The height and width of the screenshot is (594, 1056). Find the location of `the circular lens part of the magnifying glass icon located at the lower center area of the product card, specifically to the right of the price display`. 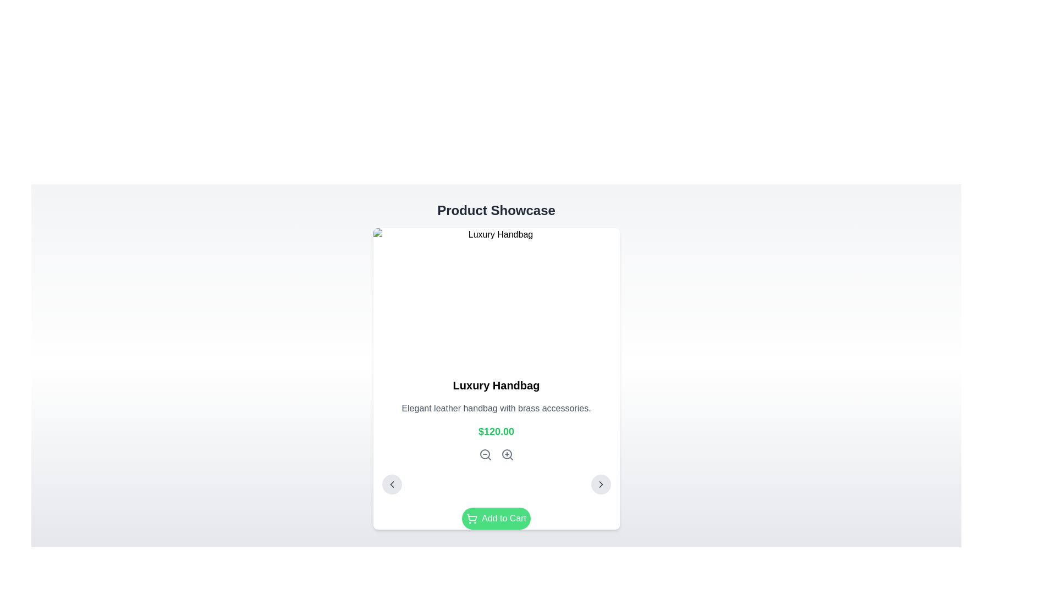

the circular lens part of the magnifying glass icon located at the lower center area of the product card, specifically to the right of the price display is located at coordinates (506, 454).